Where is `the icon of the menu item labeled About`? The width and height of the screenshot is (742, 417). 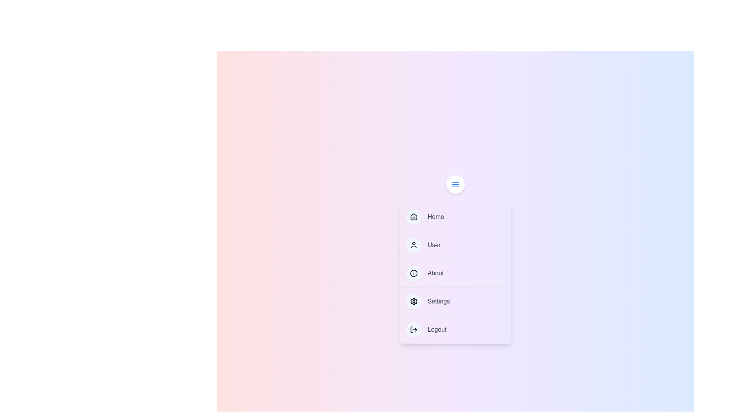 the icon of the menu item labeled About is located at coordinates (413, 273).